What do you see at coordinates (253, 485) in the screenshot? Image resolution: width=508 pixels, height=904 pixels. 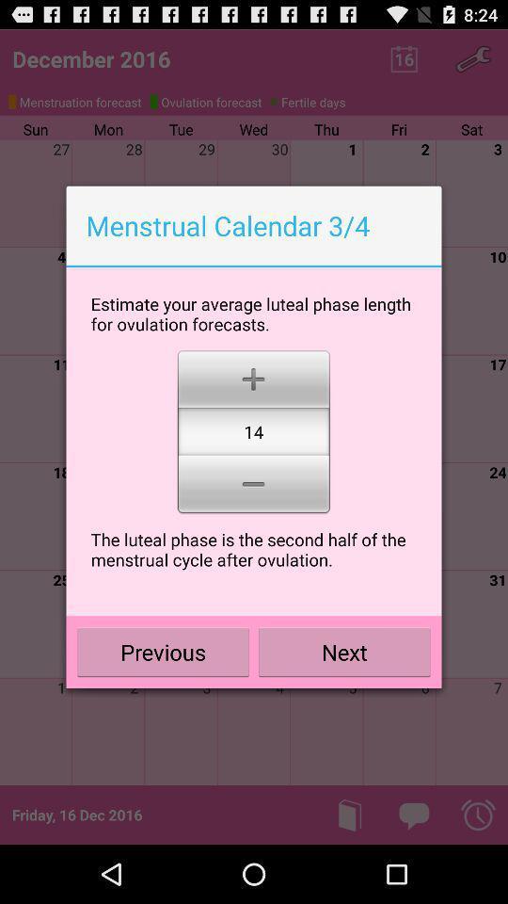 I see `item above the luteal phase app` at bounding box center [253, 485].